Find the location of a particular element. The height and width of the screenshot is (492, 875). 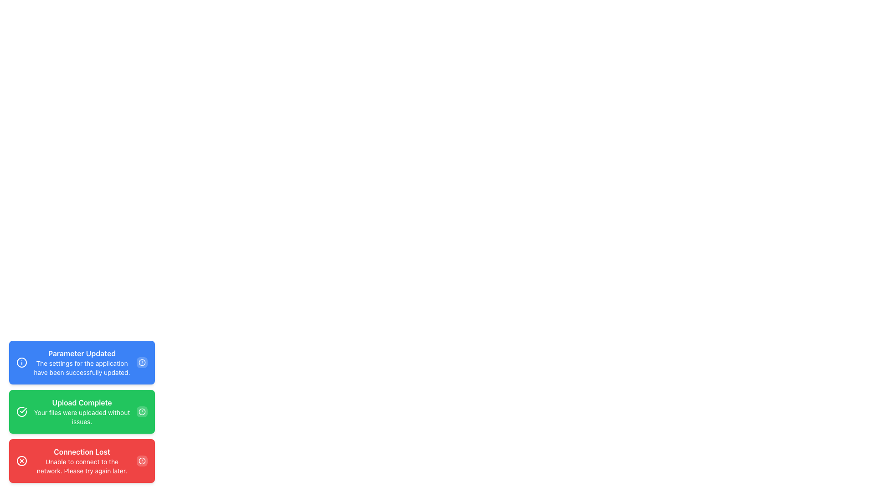

text block that displays a message about successful application settings updates, which is located directly under the bold heading 'Parameter Updated' within a blue notification card is located at coordinates (82, 367).